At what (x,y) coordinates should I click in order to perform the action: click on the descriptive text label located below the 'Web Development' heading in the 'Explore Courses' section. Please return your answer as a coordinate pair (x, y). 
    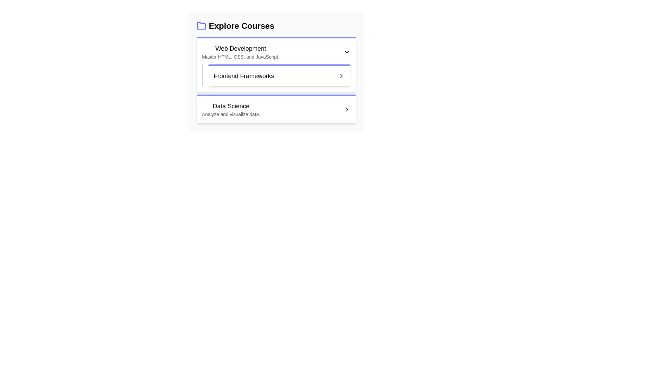
    Looking at the image, I should click on (241, 56).